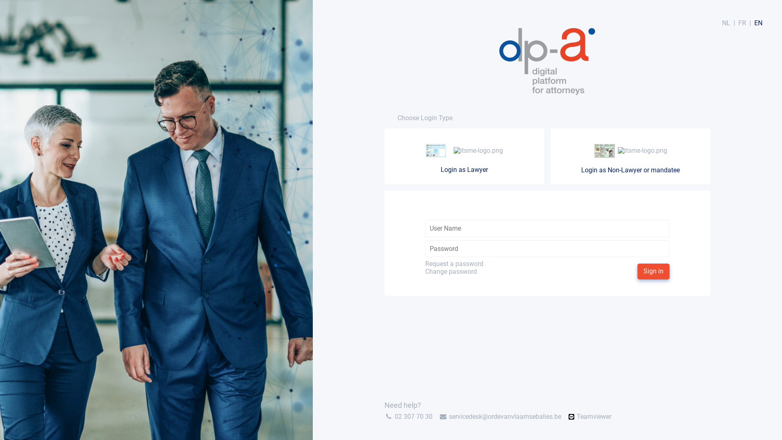 The image size is (782, 440). I want to click on 'ITSME', so click(451, 150).